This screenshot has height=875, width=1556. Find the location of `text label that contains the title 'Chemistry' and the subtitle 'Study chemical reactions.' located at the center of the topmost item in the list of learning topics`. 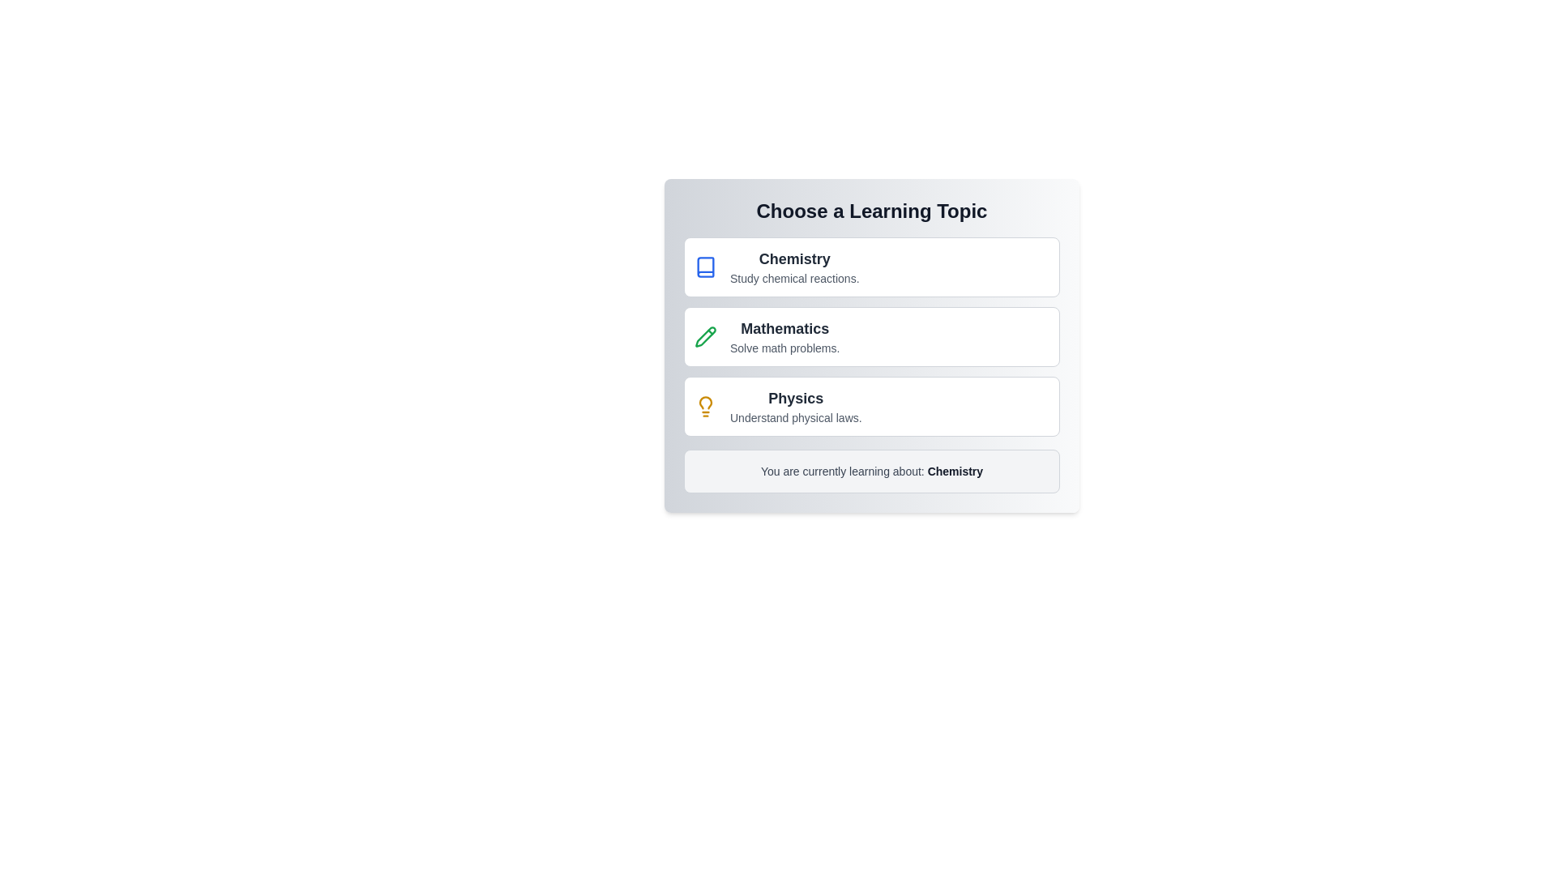

text label that contains the title 'Chemistry' and the subtitle 'Study chemical reactions.' located at the center of the topmost item in the list of learning topics is located at coordinates (794, 267).